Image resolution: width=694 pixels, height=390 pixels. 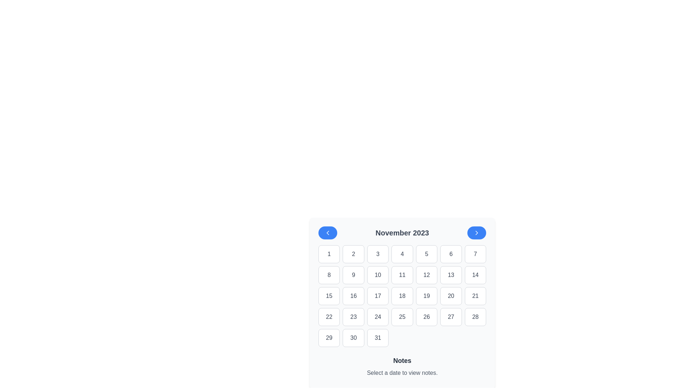 What do you see at coordinates (427, 317) in the screenshot?
I see `the button labeled '26'` at bounding box center [427, 317].